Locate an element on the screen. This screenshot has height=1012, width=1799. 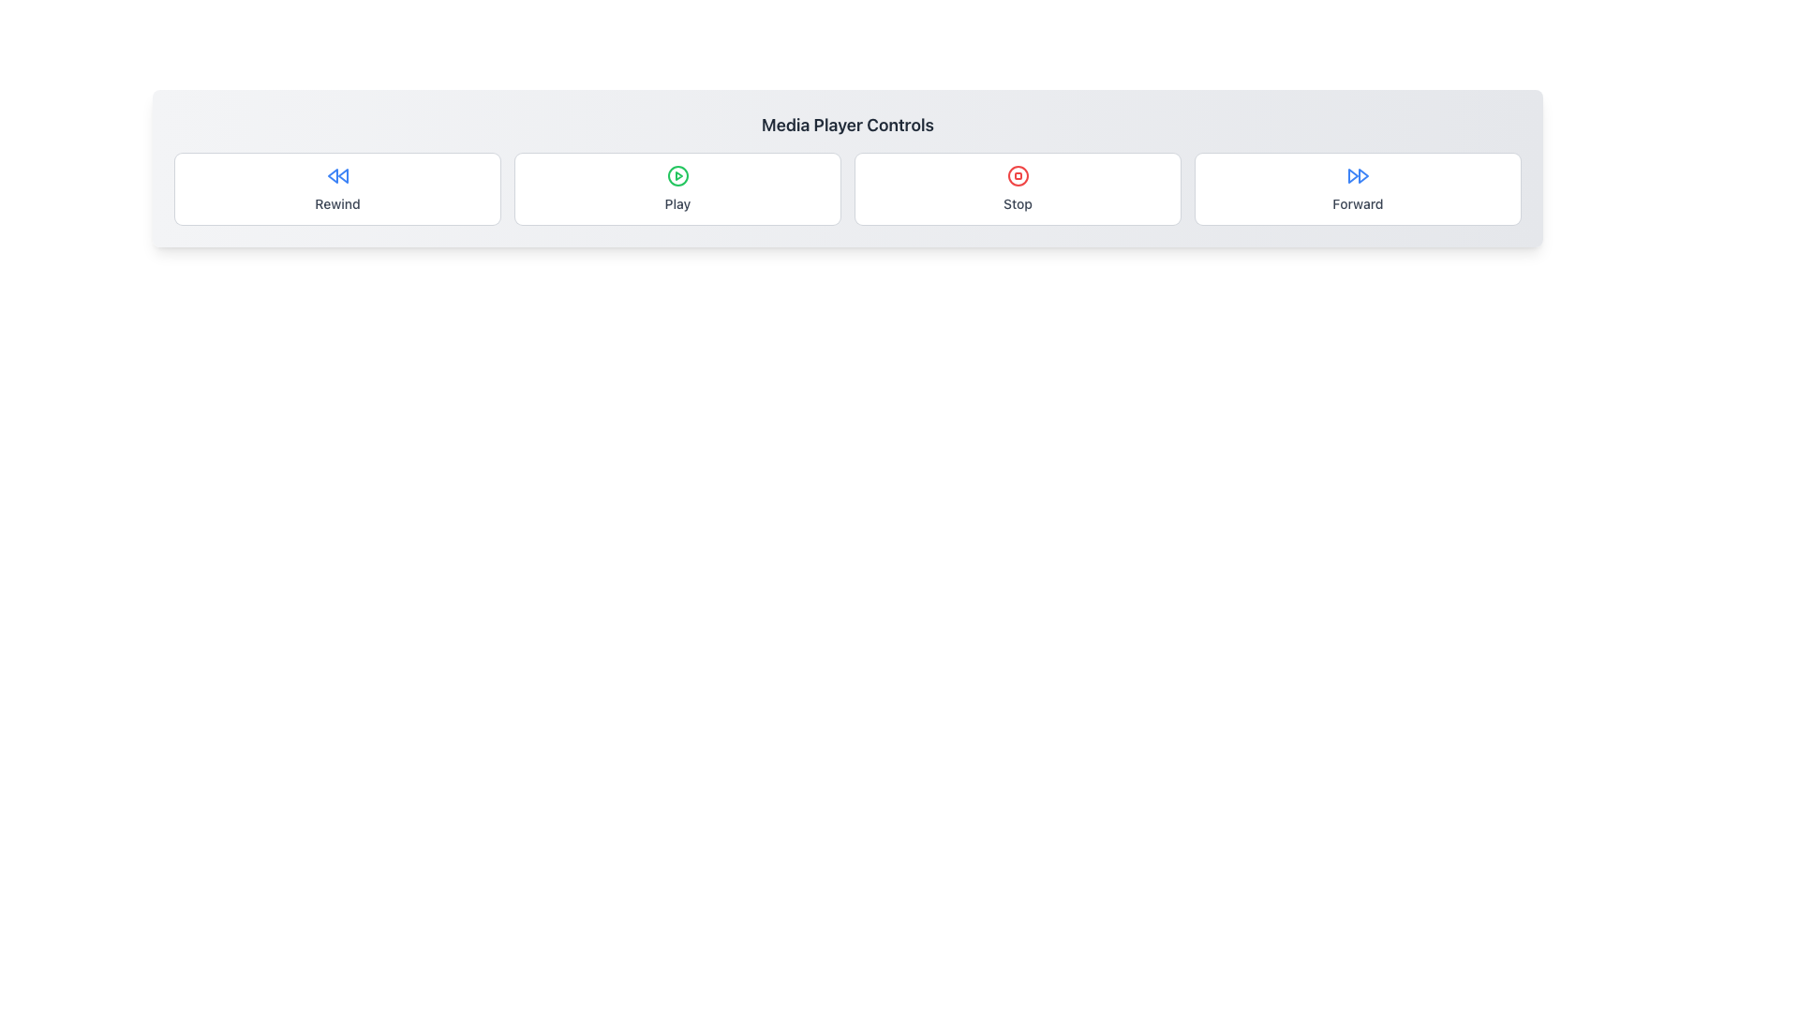
the rewind arrow icon, which is blue and styled with a modern vector design, located above the 'Rewind' label in the media playback controls is located at coordinates (337, 176).